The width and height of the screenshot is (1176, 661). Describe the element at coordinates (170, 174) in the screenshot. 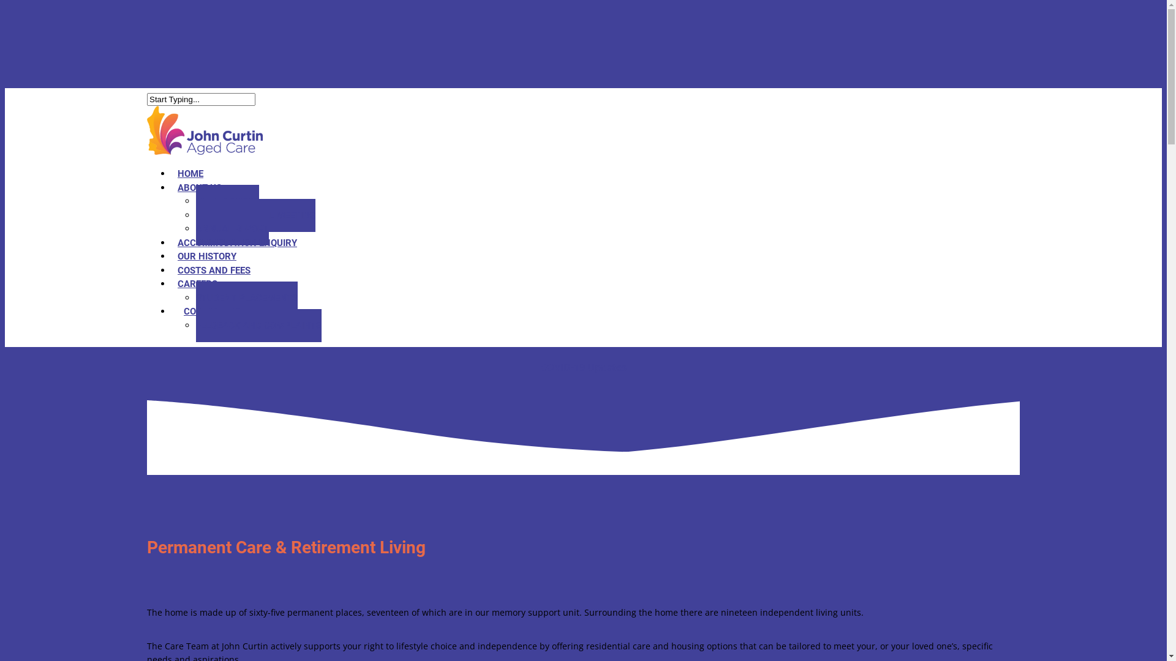

I see `'HOME'` at that location.